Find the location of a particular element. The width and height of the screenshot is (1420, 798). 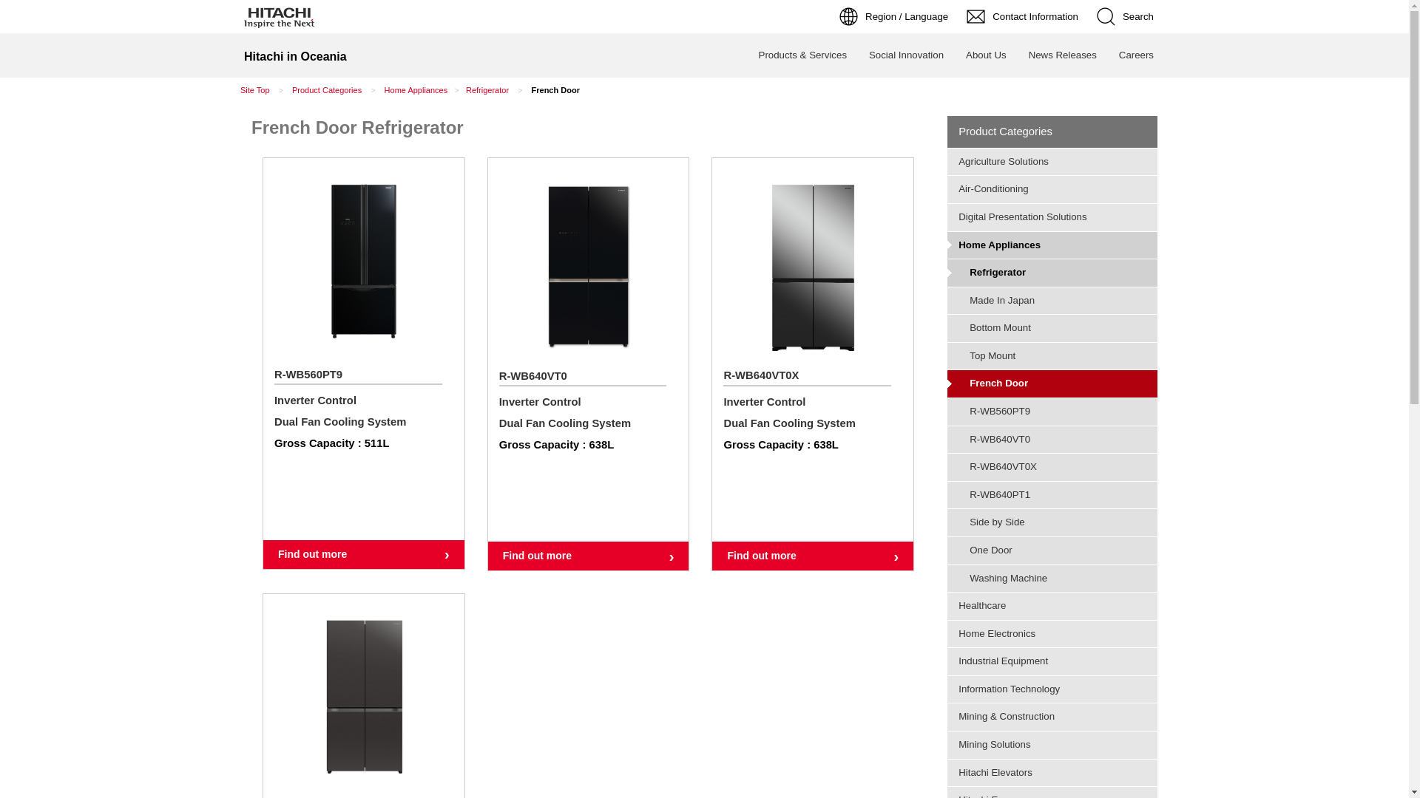

'About Us' is located at coordinates (986, 54).